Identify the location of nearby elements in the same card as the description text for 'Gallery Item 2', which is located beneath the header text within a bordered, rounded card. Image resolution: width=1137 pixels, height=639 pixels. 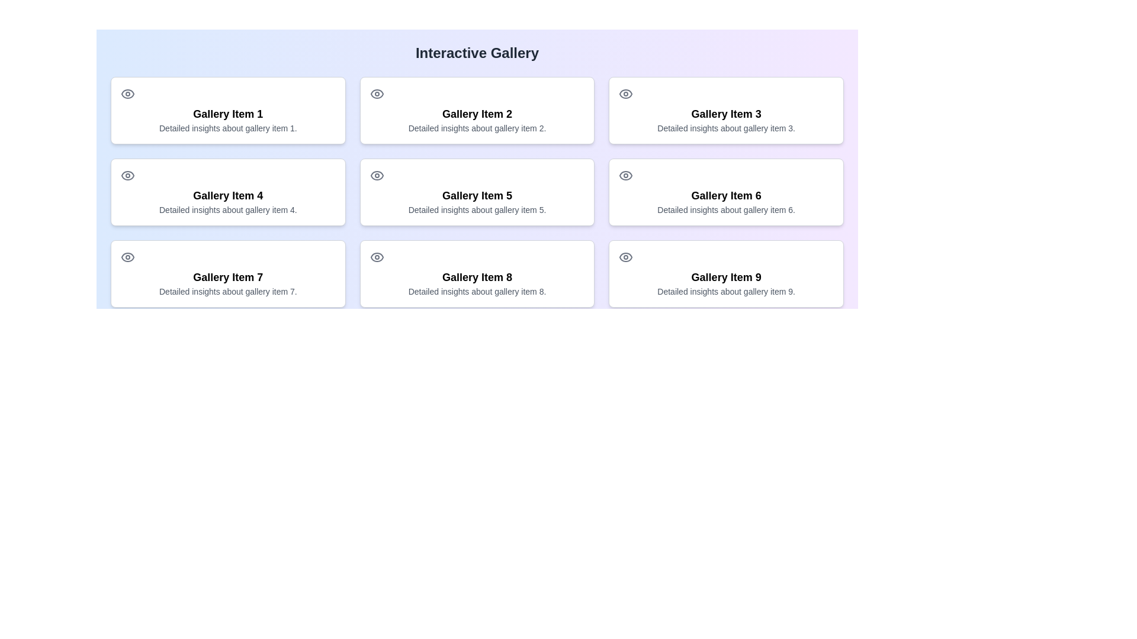
(477, 128).